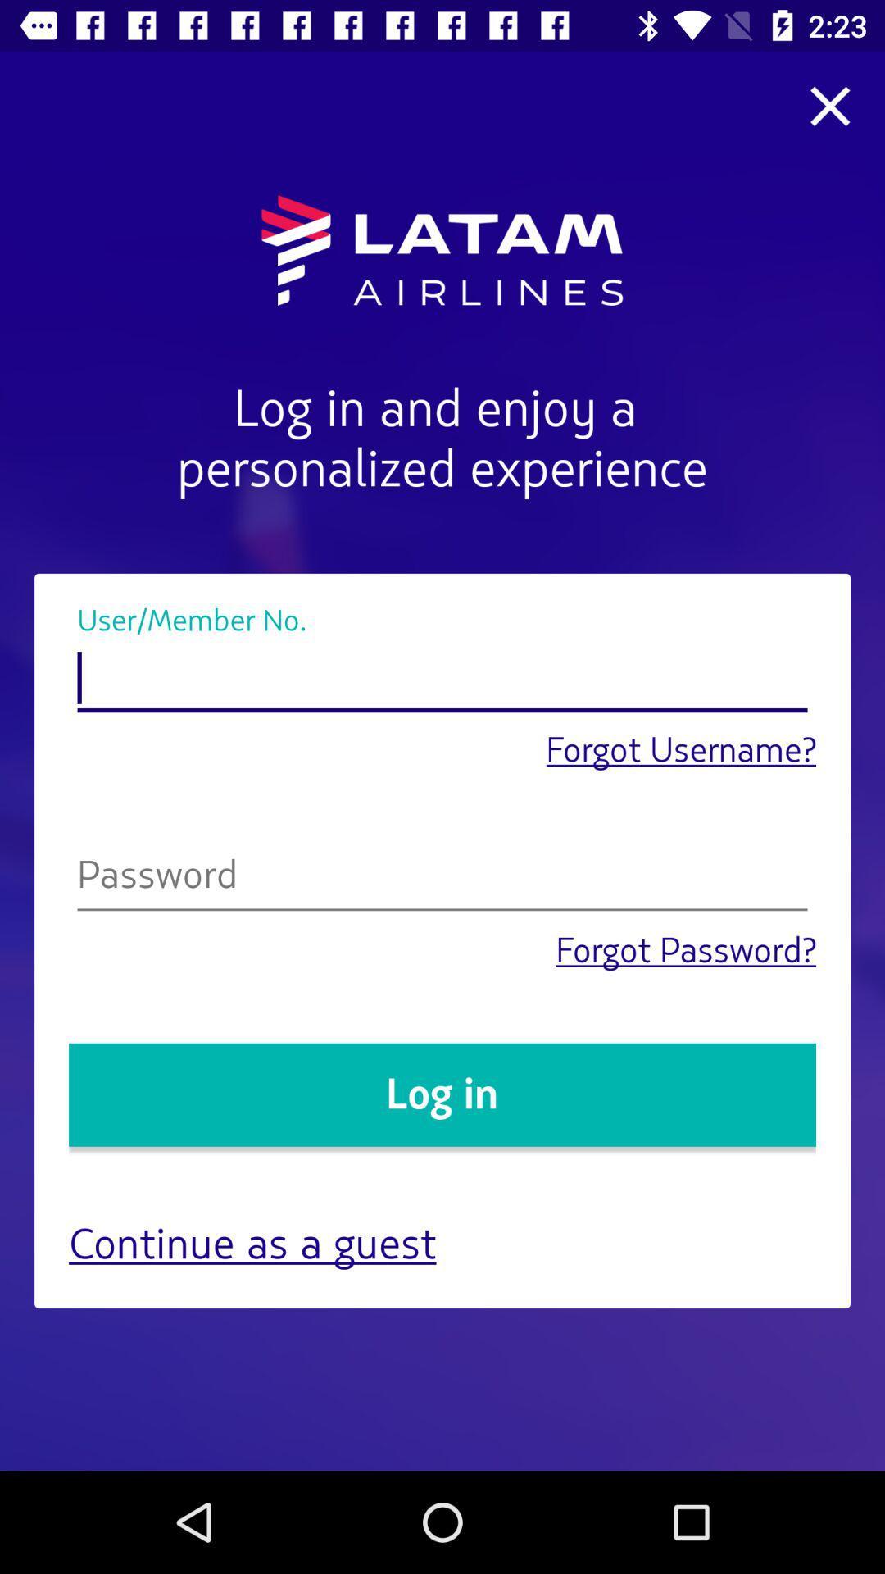  What do you see at coordinates (442, 878) in the screenshot?
I see `password selection` at bounding box center [442, 878].